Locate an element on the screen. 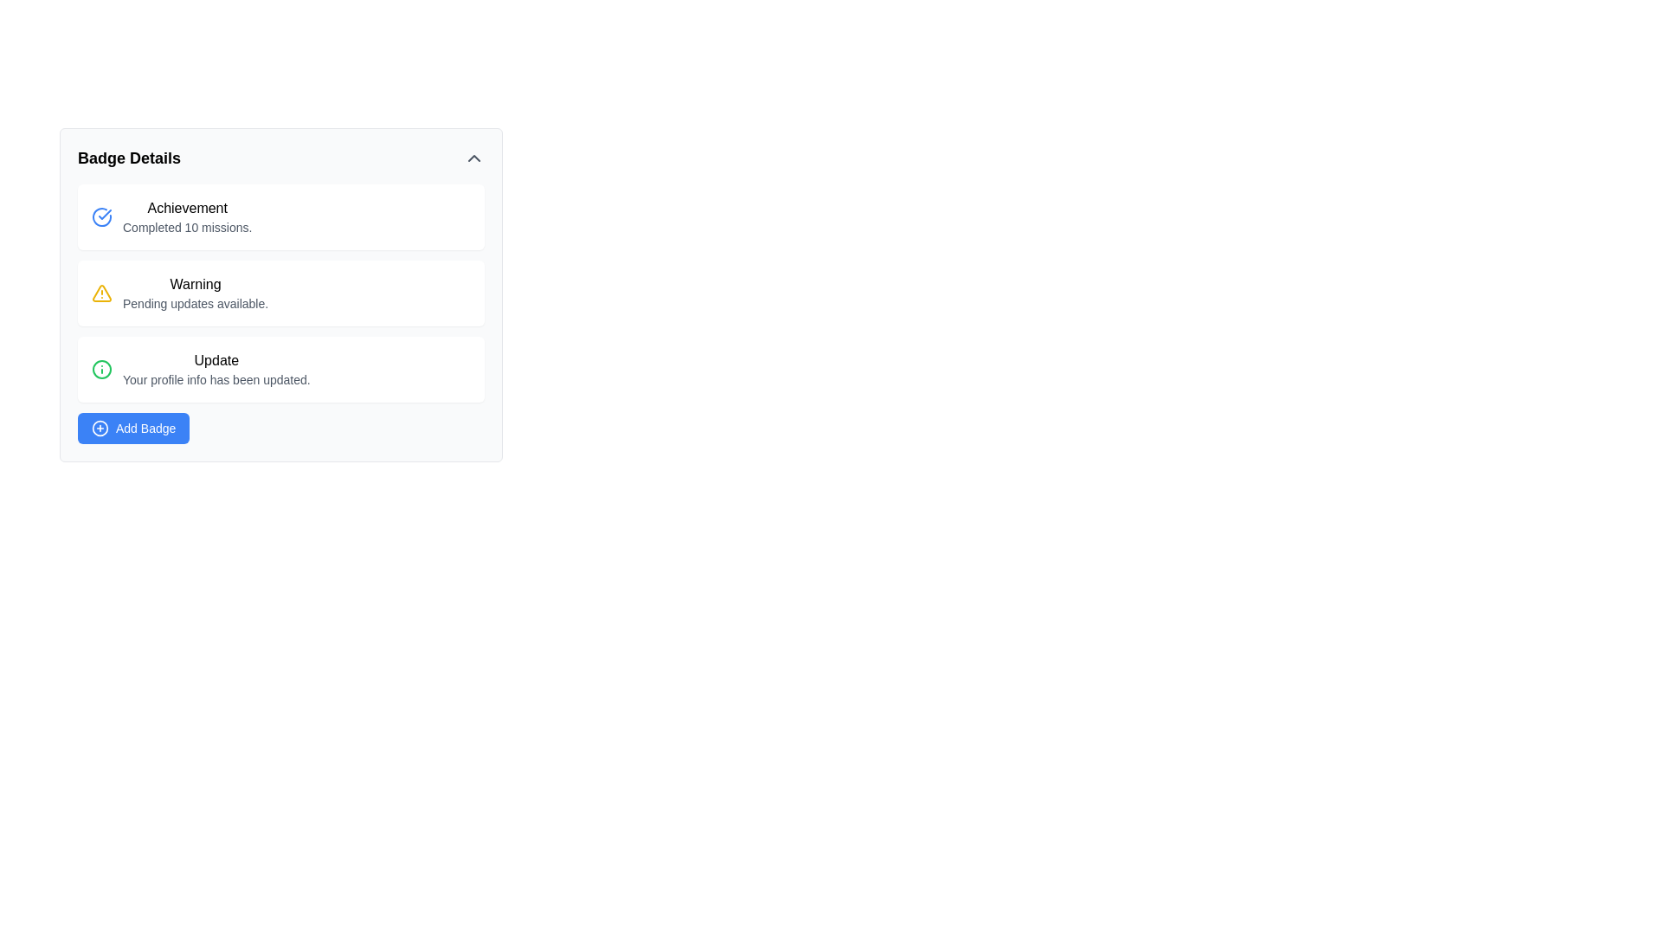 The image size is (1662, 935). the circular graphical component that indicates status in the 'Update' section of the 'Badge Details' interface is located at coordinates (101, 369).